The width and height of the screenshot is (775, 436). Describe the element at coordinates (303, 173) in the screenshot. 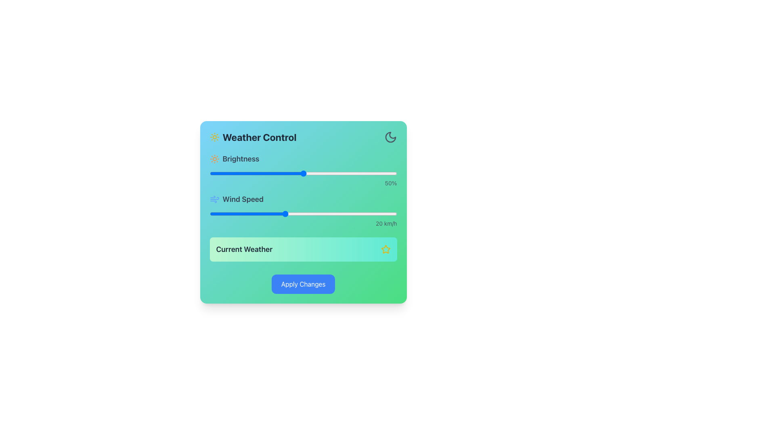

I see `the horizontal slider control for keyboard interaction` at that location.